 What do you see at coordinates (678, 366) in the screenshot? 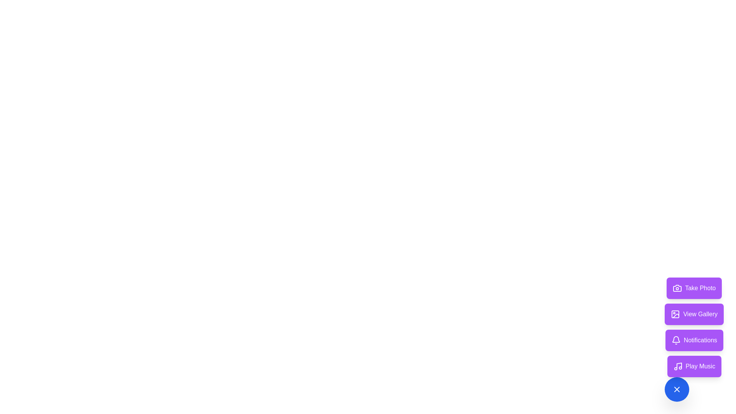
I see `the music note icon located within the purple 'Play Music' button` at bounding box center [678, 366].